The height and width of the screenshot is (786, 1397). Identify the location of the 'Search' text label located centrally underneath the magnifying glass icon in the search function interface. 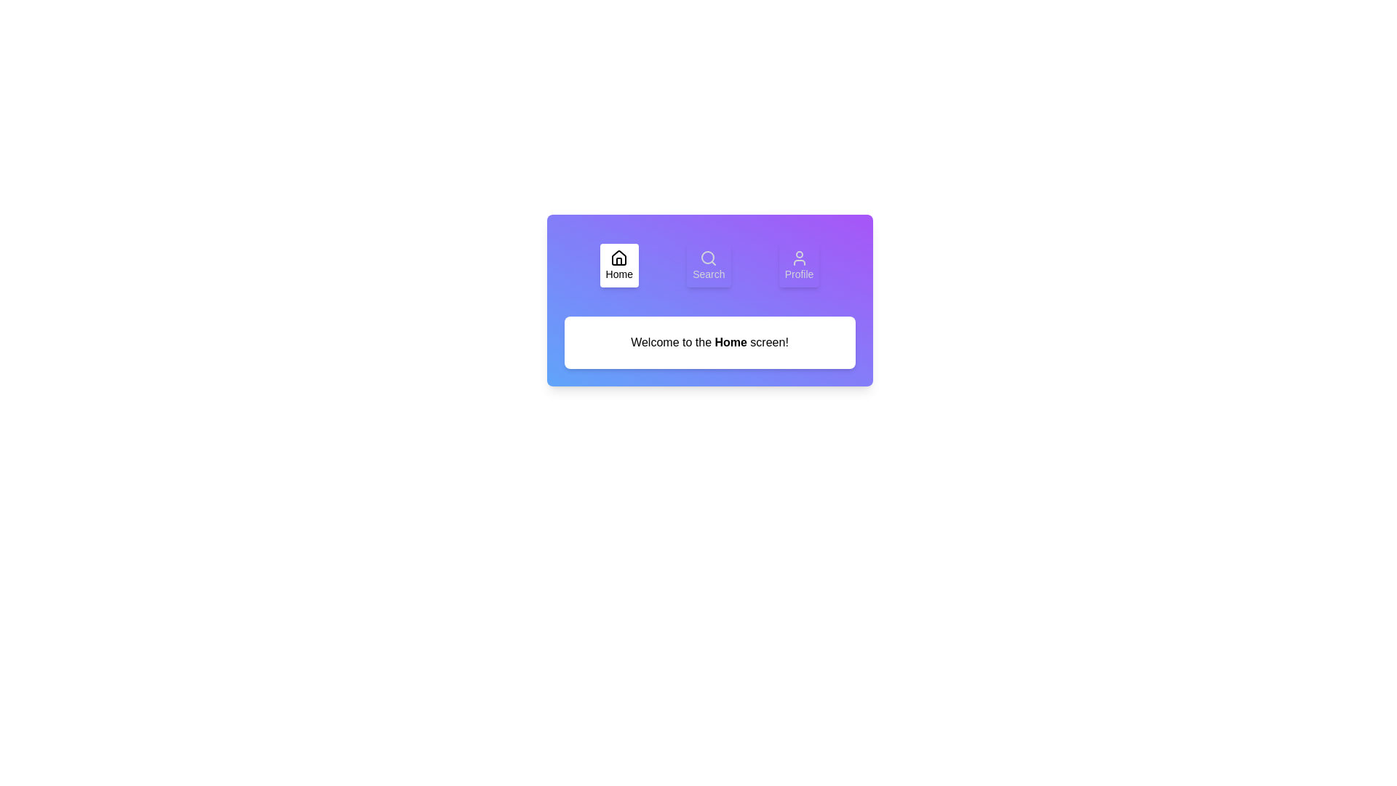
(709, 274).